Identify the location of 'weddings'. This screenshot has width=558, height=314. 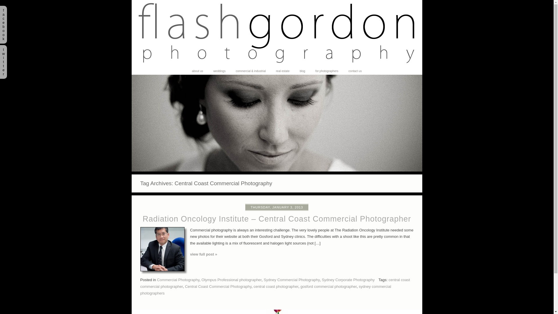
(219, 71).